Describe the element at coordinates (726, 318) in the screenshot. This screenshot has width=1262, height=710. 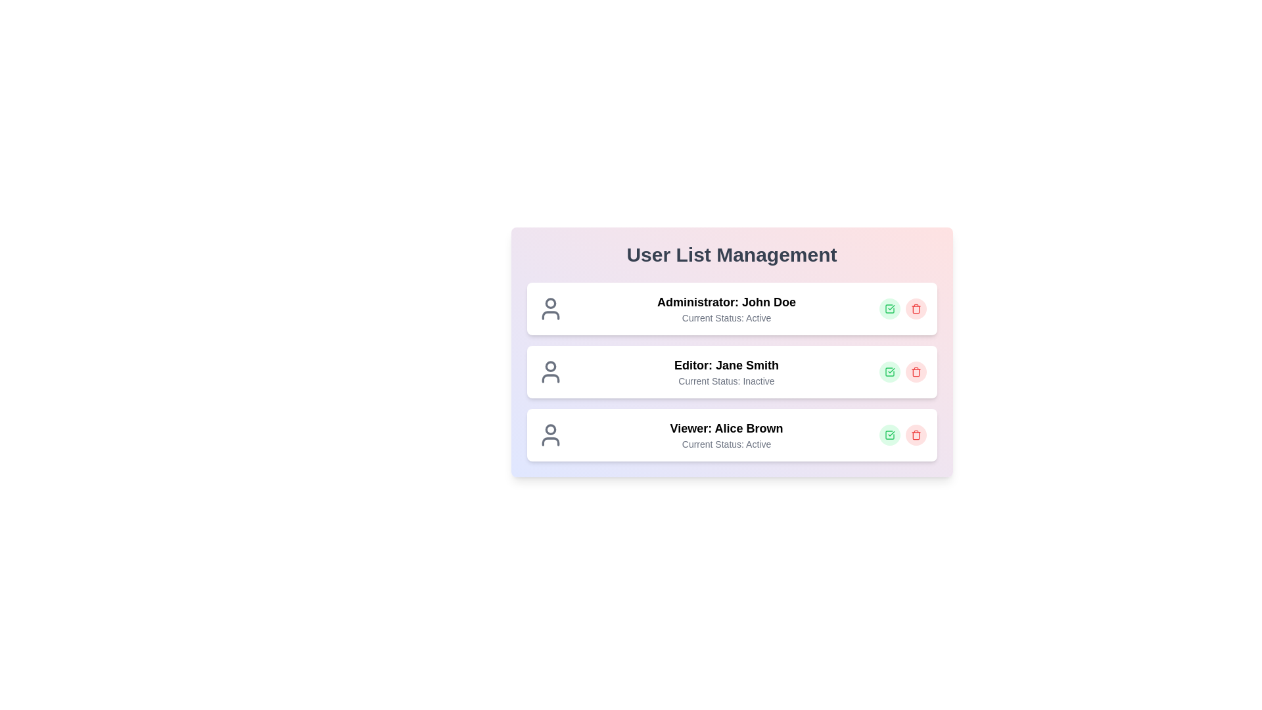
I see `the text label displaying 'Current Status: Active', which is positioned directly below 'Administrator: John Doe' within the first user card in the 'User List Management' section` at that location.